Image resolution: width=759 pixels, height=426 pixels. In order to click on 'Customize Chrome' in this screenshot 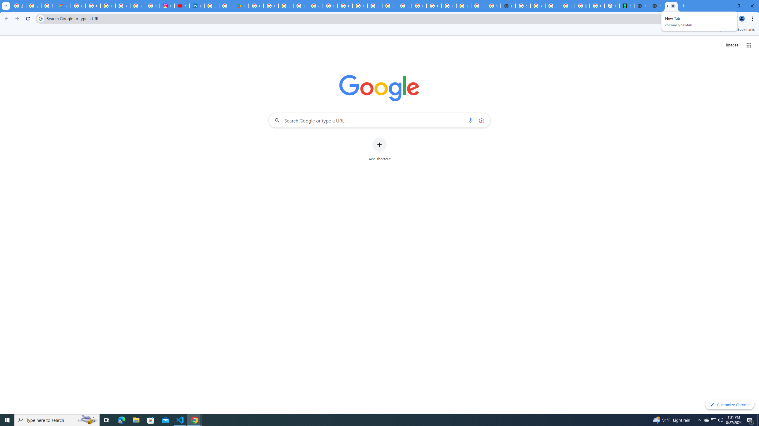, I will do `click(730, 404)`.